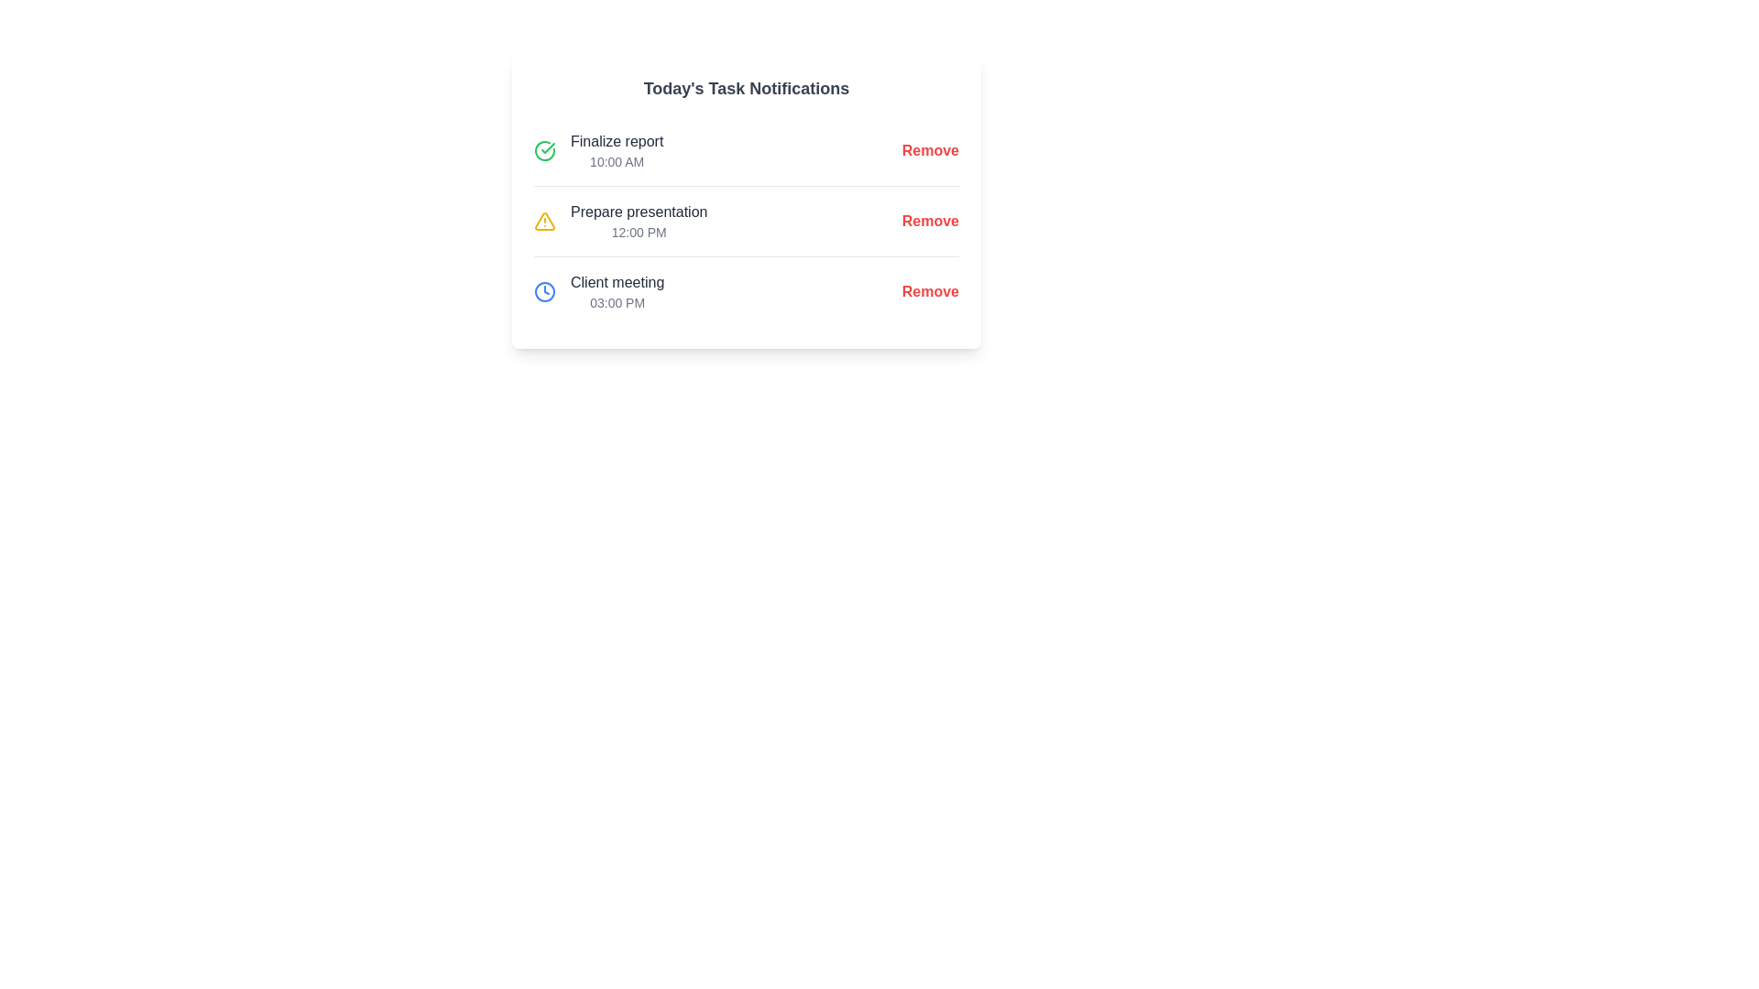 Image resolution: width=1759 pixels, height=989 pixels. I want to click on the Text Label displaying '03:00 PM' located in the 'Client meeting' row, positioned to the right of the event title, so click(617, 302).